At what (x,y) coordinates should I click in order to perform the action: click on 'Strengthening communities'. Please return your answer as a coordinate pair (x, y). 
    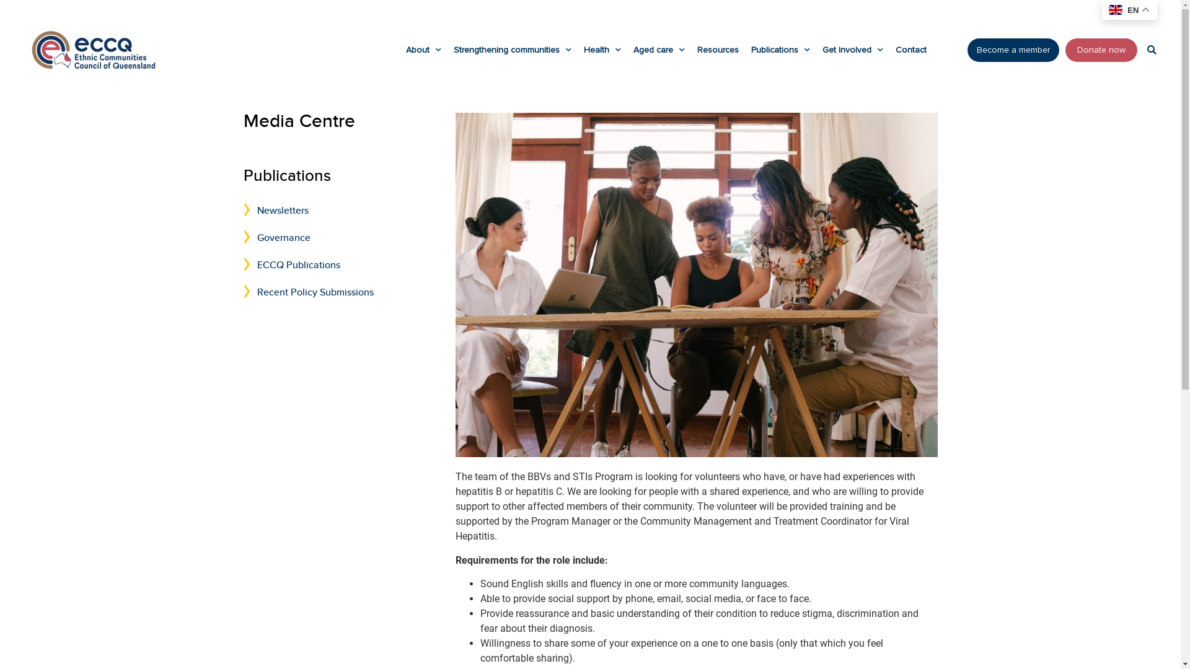
    Looking at the image, I should click on (446, 50).